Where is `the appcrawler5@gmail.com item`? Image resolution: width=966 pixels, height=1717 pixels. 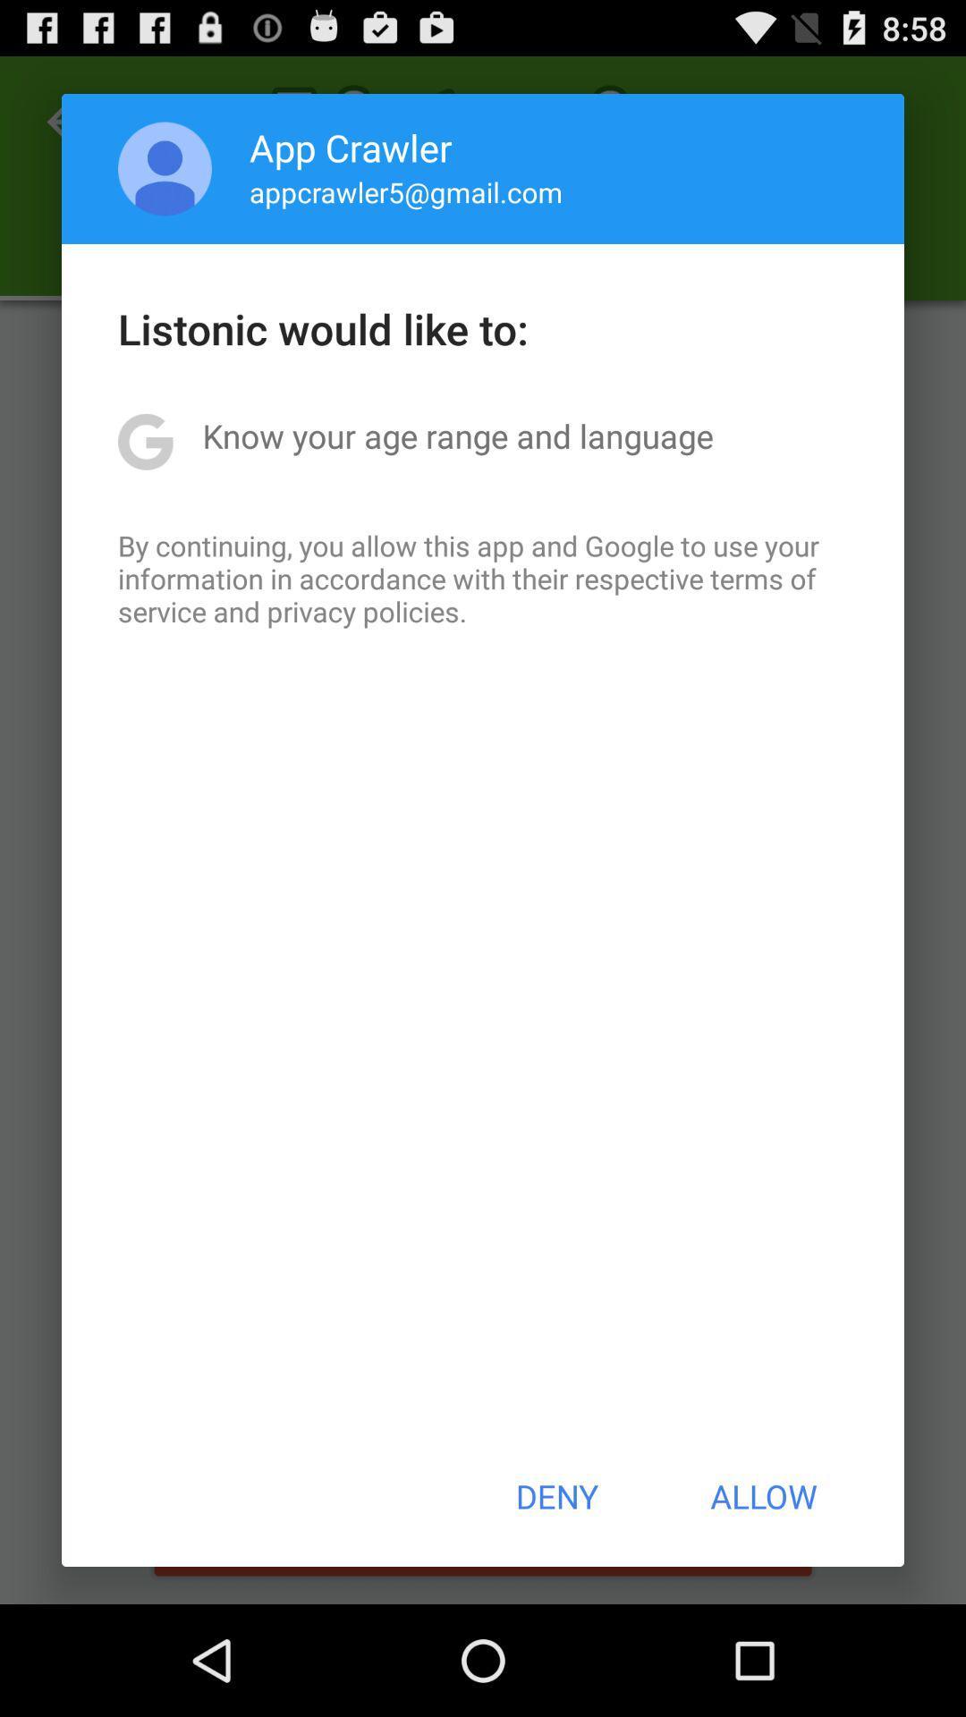 the appcrawler5@gmail.com item is located at coordinates (406, 191).